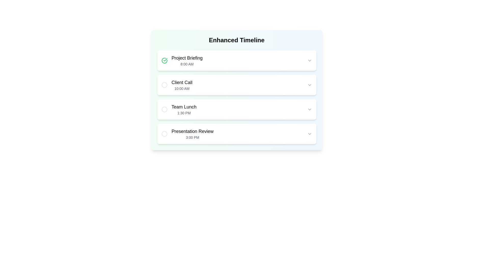 The image size is (489, 275). Describe the element at coordinates (236, 85) in the screenshot. I see `the 'Client Call' card-like component` at that location.